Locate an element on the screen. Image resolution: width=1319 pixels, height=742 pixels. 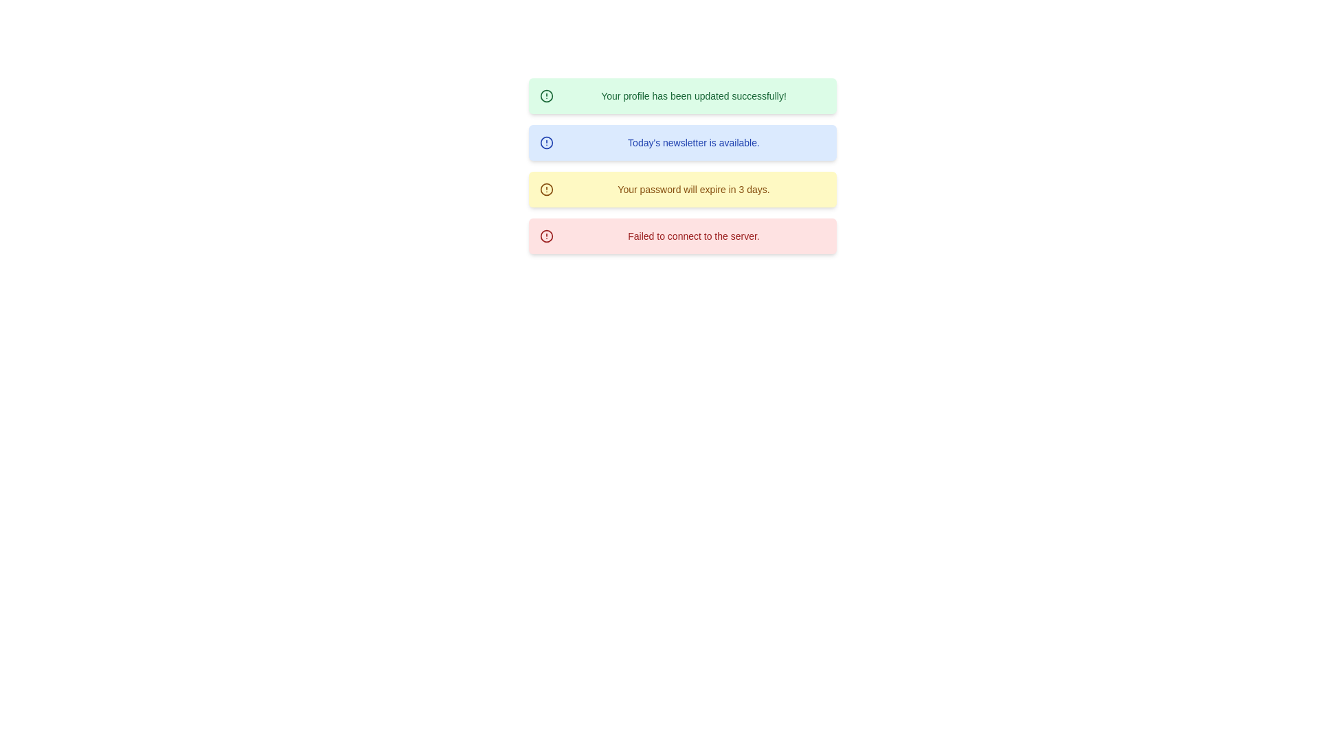
the Alert Icon located on the left side of the notification bar indicating 'Today's newsletter is available.' is located at coordinates (546, 143).